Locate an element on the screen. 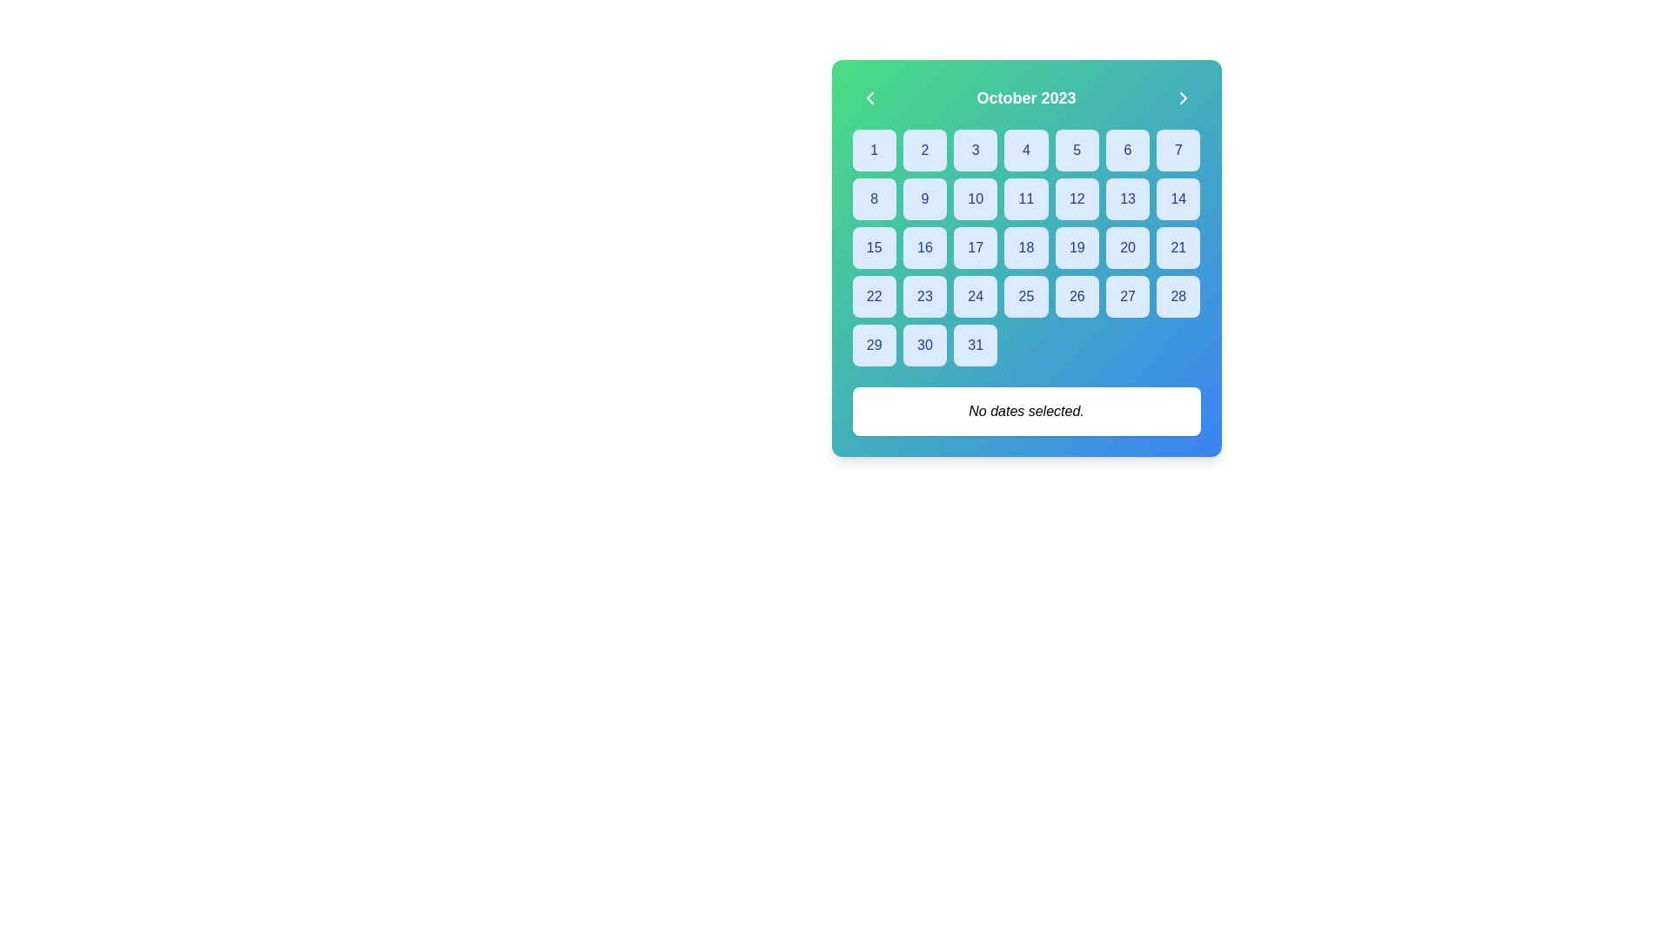 The image size is (1671, 940). the date selection button for the 26th in the calendar interface, located in the fourth row and fifth column of the grid is located at coordinates (1076, 295).